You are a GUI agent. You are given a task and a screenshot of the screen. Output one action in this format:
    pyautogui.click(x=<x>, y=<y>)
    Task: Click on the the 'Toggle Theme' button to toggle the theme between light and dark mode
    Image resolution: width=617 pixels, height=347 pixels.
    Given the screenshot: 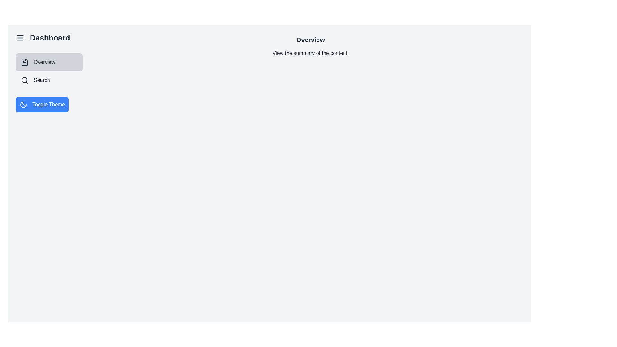 What is the action you would take?
    pyautogui.click(x=41, y=104)
    